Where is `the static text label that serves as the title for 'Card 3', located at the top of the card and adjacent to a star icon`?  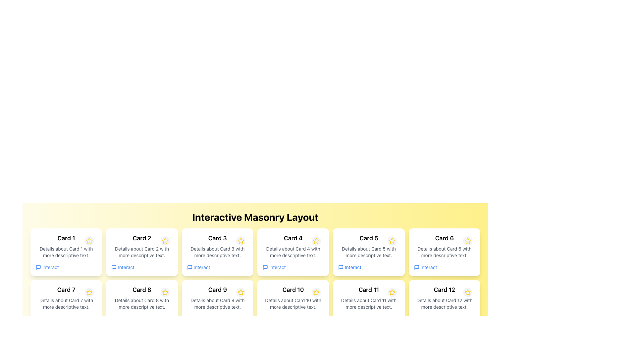 the static text label that serves as the title for 'Card 3', located at the top of the card and adjacent to a star icon is located at coordinates (217, 238).